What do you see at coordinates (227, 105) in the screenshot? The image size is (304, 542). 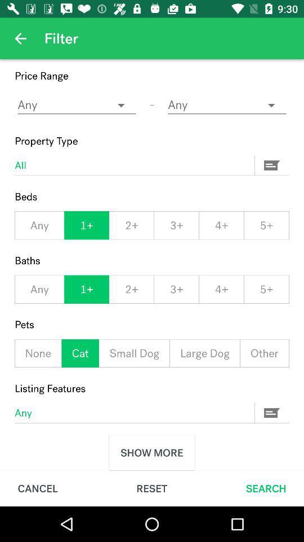 I see `second drop down` at bounding box center [227, 105].